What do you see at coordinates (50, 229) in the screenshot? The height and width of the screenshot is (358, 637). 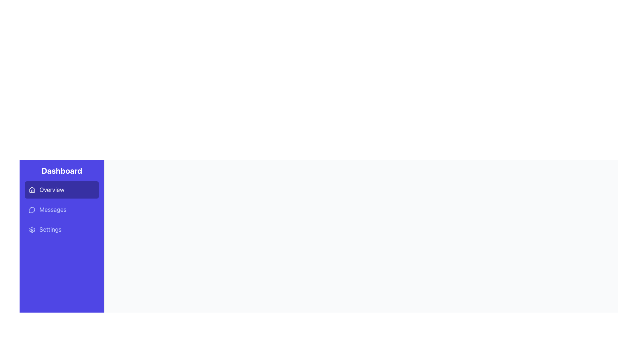 I see `the third text label in the vertical navigation menu` at bounding box center [50, 229].